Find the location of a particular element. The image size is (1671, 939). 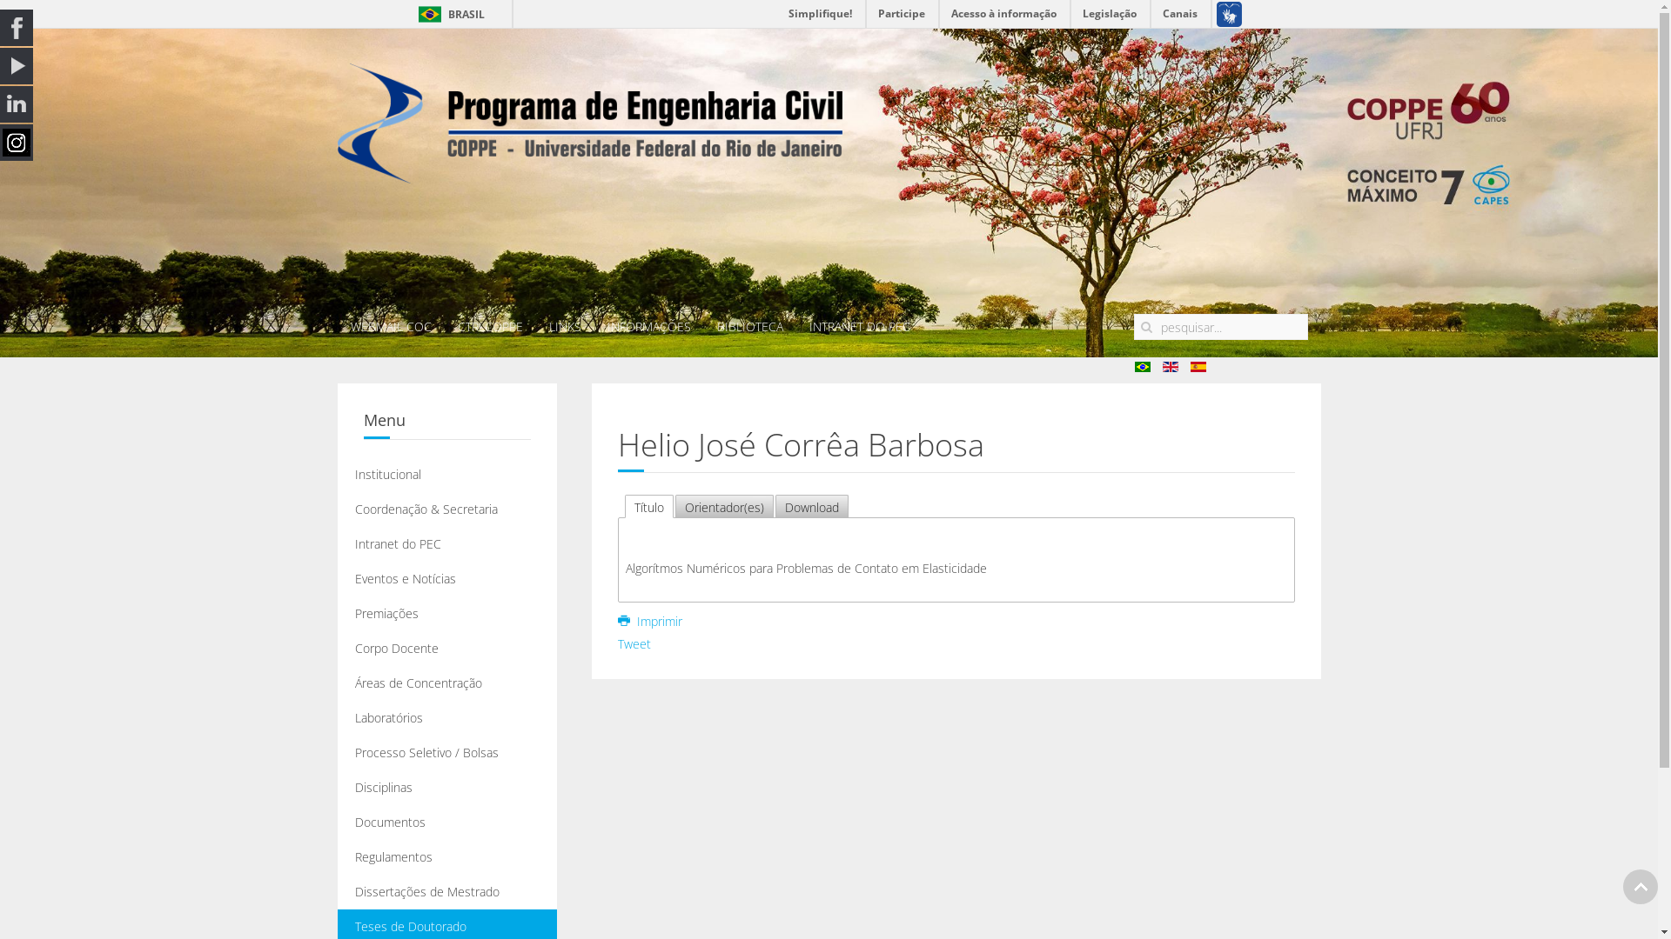

'Tweet' is located at coordinates (634, 643).